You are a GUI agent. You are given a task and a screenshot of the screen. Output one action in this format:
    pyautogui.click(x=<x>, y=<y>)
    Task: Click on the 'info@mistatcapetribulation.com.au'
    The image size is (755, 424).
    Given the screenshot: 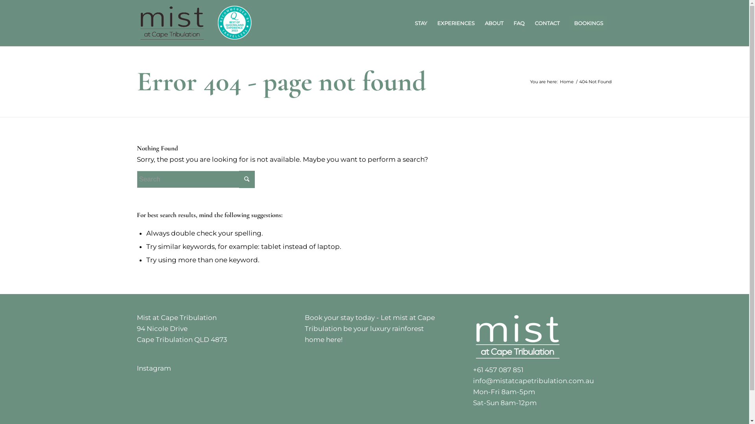 What is the action you would take?
    pyautogui.click(x=533, y=380)
    